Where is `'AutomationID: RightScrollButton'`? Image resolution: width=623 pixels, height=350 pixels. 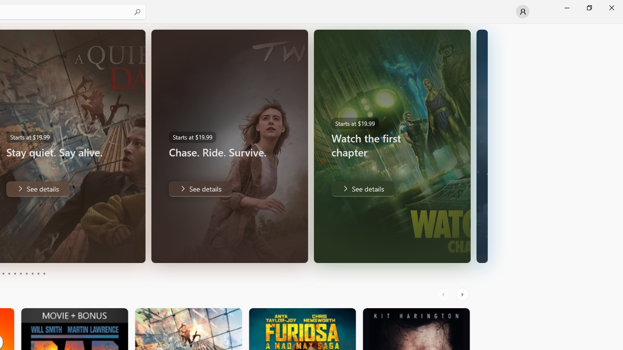 'AutomationID: RightScrollButton' is located at coordinates (463, 294).